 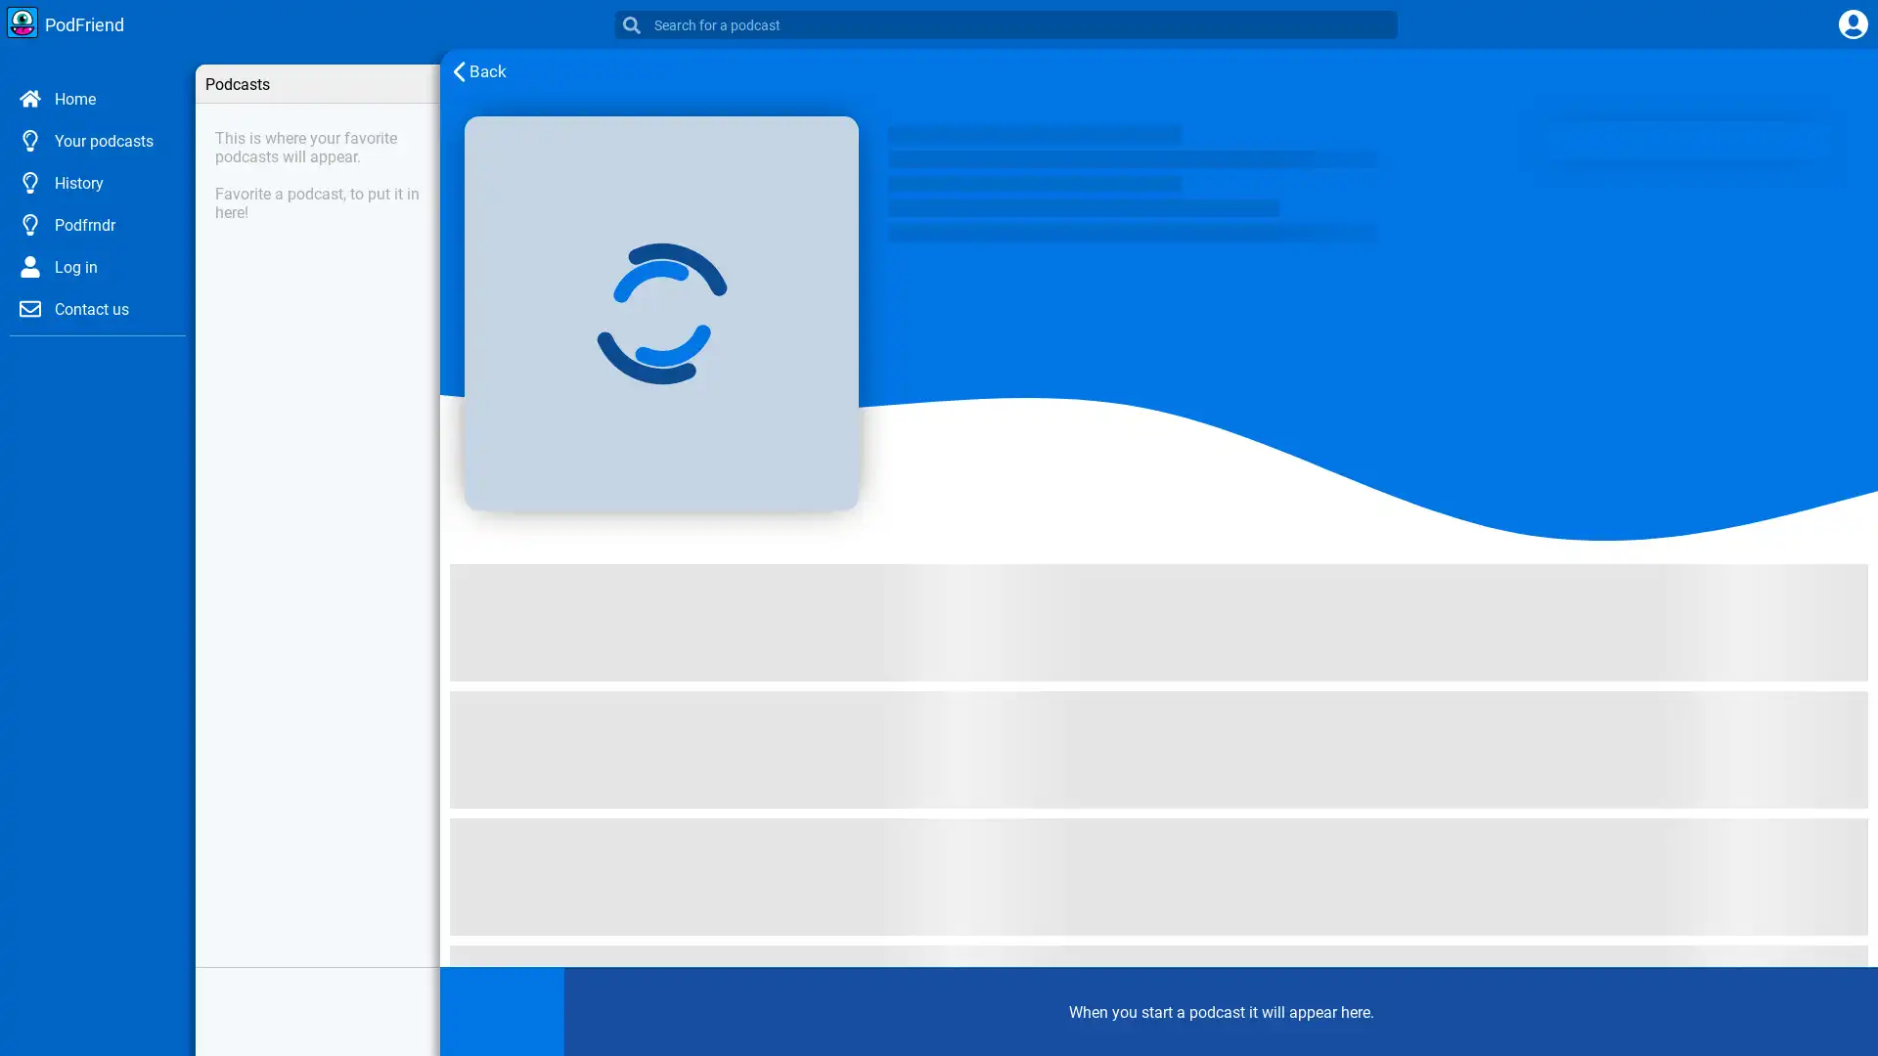 I want to click on Back, so click(x=473, y=70).